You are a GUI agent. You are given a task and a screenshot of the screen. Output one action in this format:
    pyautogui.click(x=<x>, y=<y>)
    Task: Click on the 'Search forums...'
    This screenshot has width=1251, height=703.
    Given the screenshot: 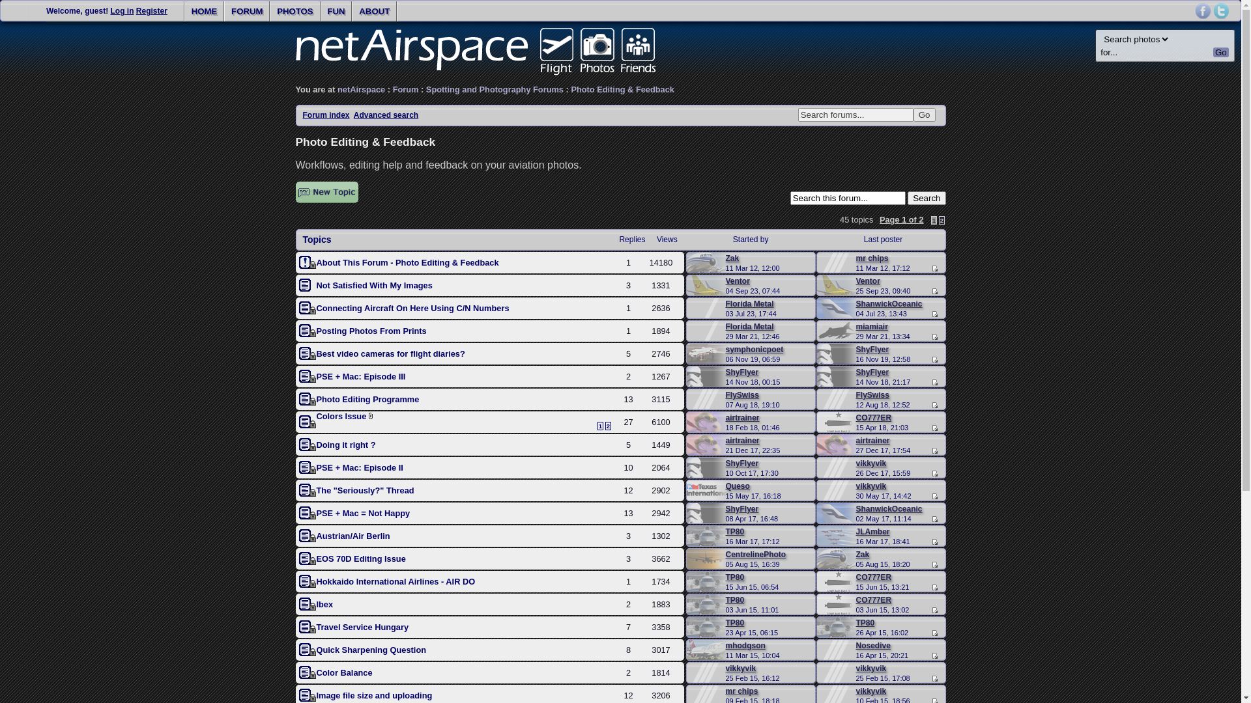 What is the action you would take?
    pyautogui.click(x=856, y=114)
    